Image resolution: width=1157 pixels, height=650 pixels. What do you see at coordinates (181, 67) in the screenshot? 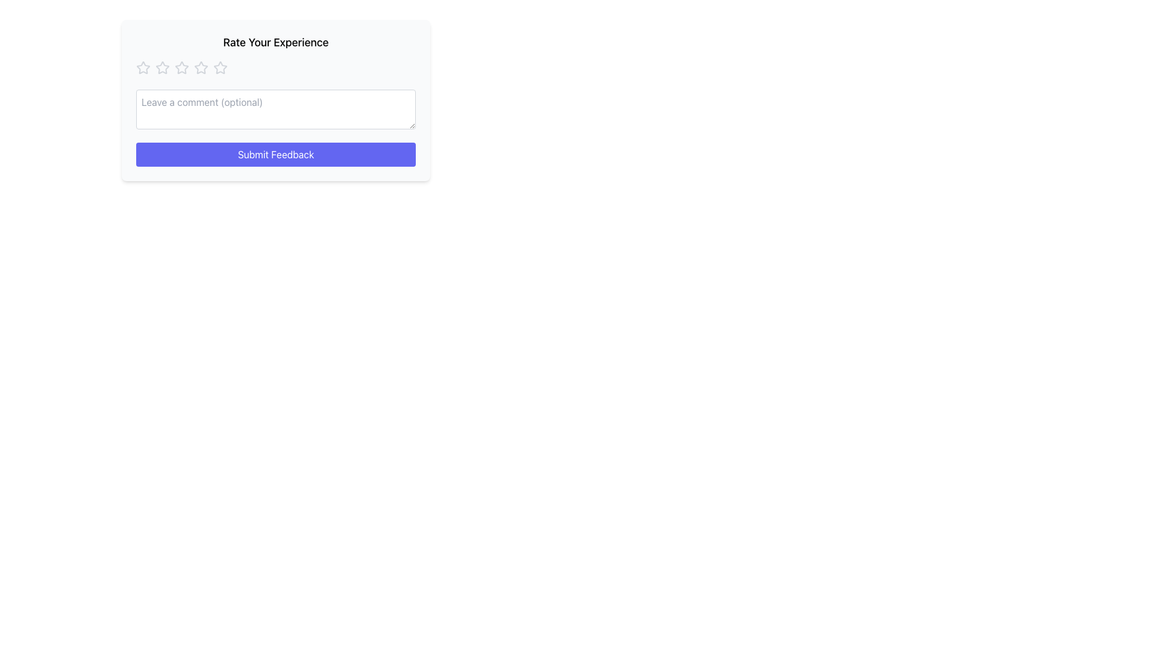
I see `the second star icon in the five-star rating system` at bounding box center [181, 67].